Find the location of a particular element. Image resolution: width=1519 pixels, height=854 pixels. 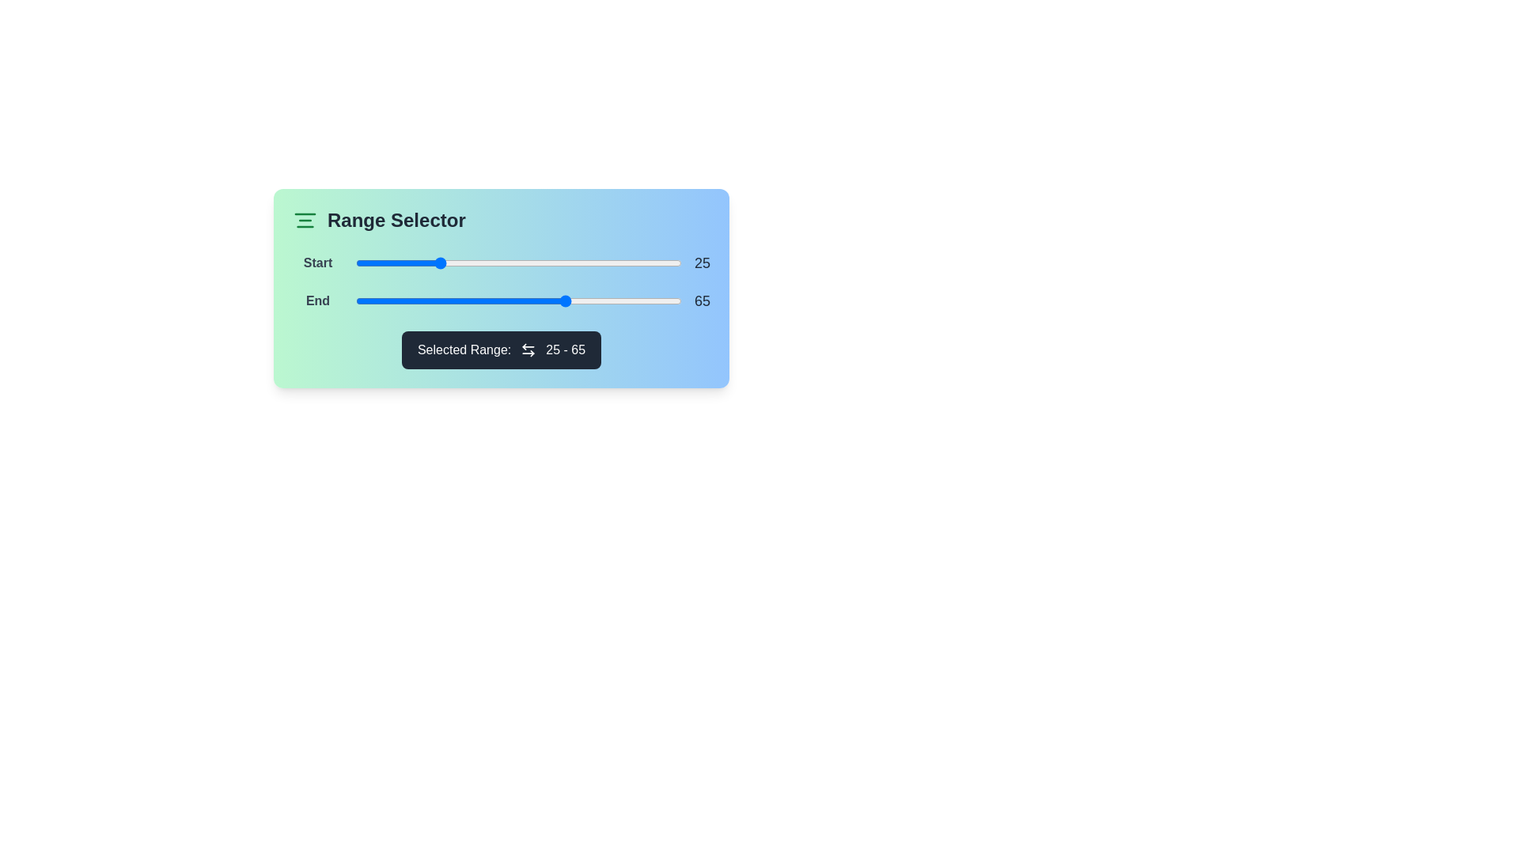

the end range slider to 10 by dragging it to the desired position is located at coordinates (388, 301).